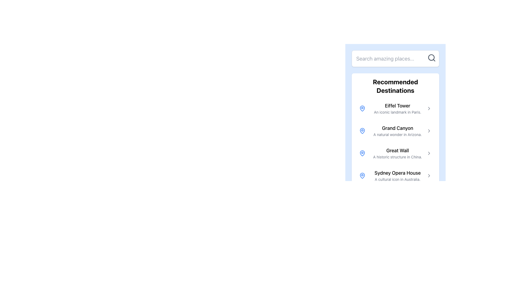  Describe the element at coordinates (429, 131) in the screenshot. I see `the right-facing arrow icon located in the third list entry of the 'Recommended Destinations' section, which is aligned with the text 'Grand Canyon'` at that location.